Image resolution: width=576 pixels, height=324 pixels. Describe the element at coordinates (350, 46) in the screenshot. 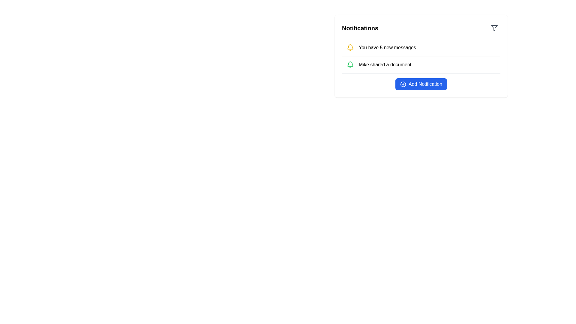

I see `the bell-shaped notification icon representing new messages located within the notification popup` at that location.